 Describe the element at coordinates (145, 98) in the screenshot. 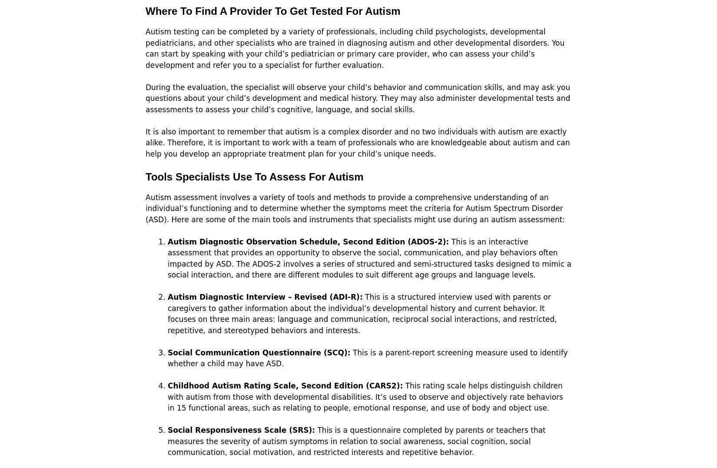

I see `'During the evaluation, the specialist will observe your child’s behavior and communication skills, and may ask you questions about your child’s development and medical history. They may also administer developmental tests and assessments to assess your child’s cognitive, language, and social skills.'` at that location.